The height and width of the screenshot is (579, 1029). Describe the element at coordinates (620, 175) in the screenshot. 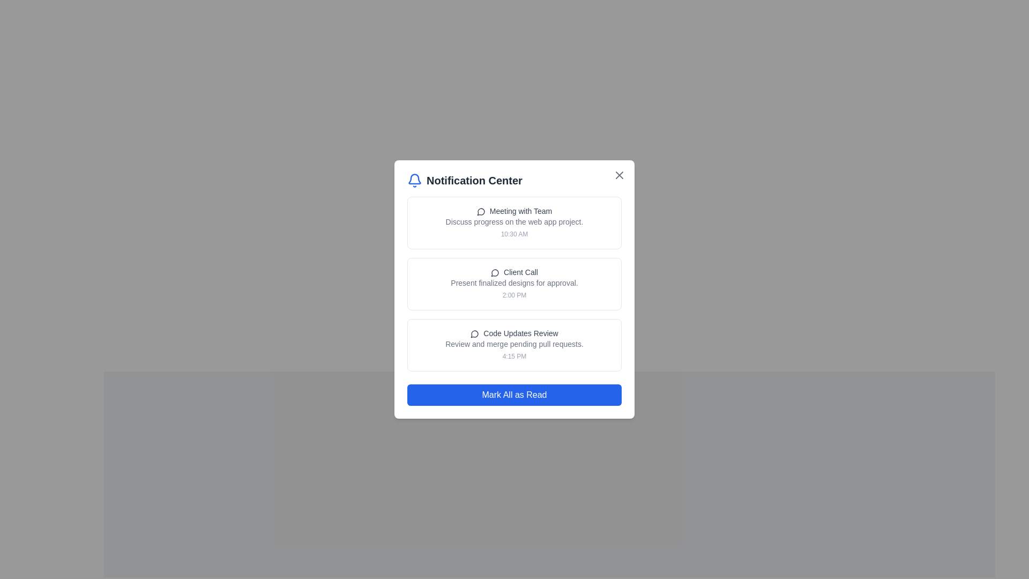

I see `the close button located in the upper-right corner of the 'Notification Center' modal` at that location.